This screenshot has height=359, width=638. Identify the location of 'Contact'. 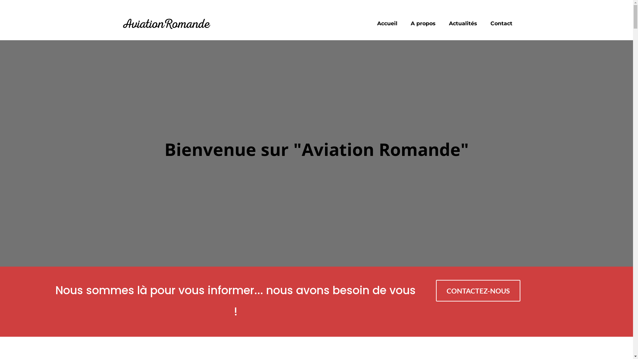
(501, 23).